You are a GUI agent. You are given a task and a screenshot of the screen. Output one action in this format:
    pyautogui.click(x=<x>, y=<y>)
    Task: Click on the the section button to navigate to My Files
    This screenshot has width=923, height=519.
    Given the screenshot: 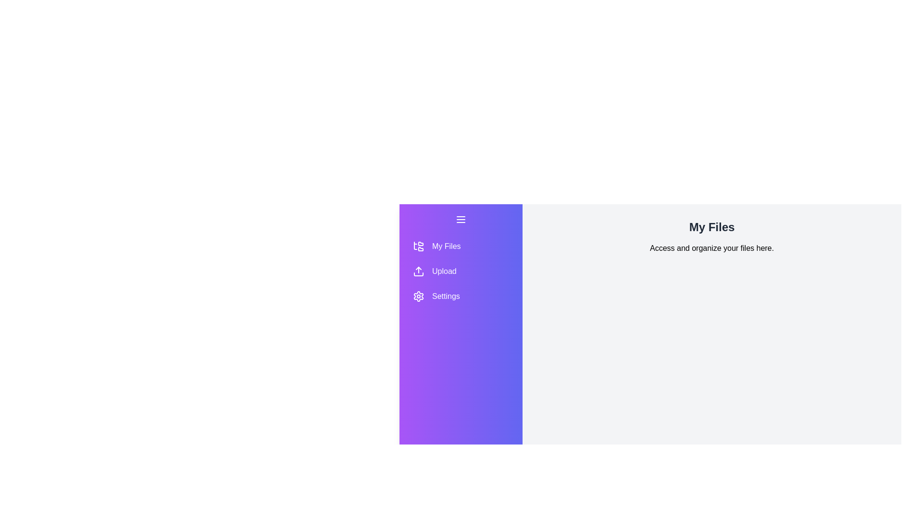 What is the action you would take?
    pyautogui.click(x=461, y=246)
    